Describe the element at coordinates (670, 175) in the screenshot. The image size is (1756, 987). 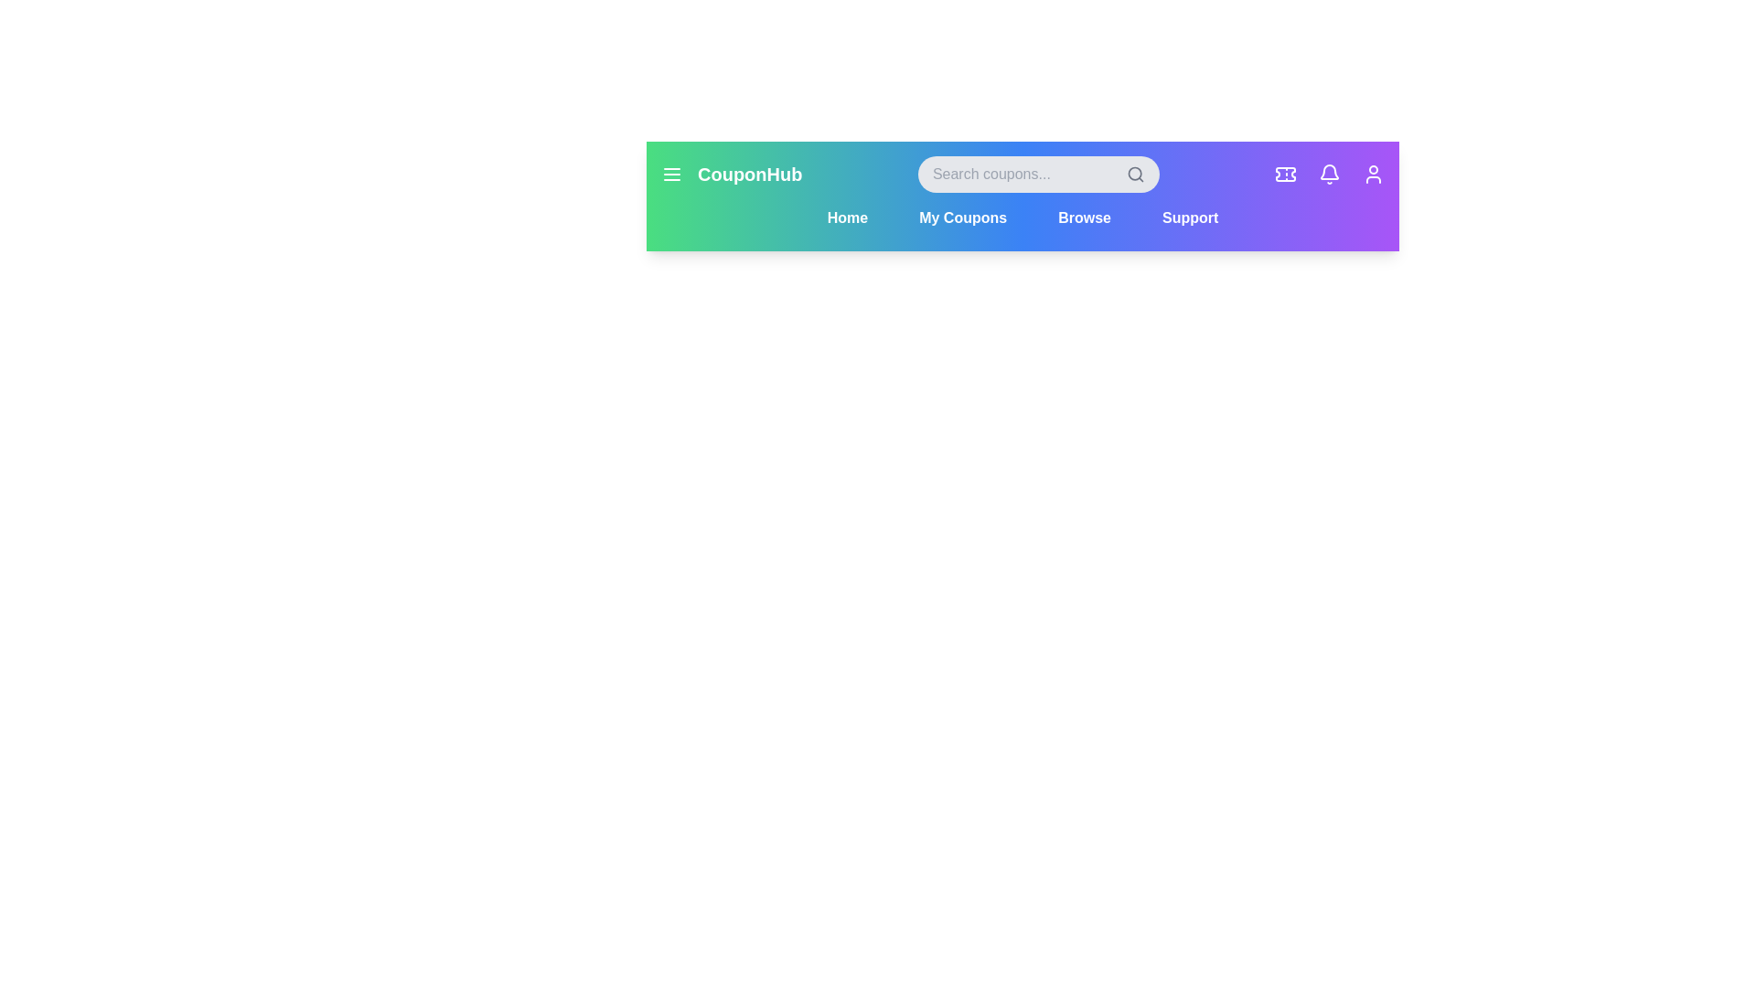
I see `the menu icon to toggle the menu visibility` at that location.